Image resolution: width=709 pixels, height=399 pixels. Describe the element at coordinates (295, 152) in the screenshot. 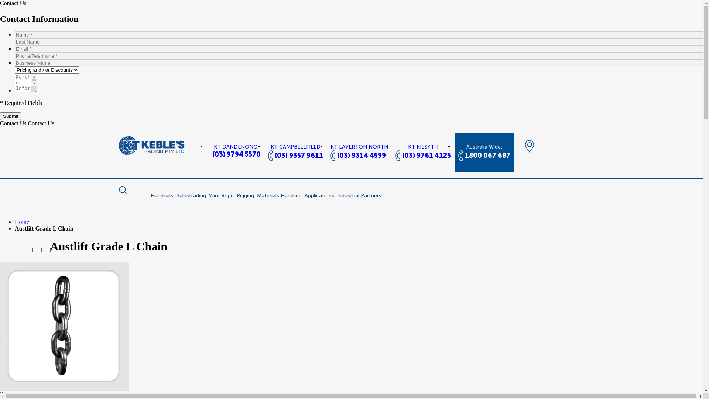

I see `'KT CAMPBELLFIELD` at that location.